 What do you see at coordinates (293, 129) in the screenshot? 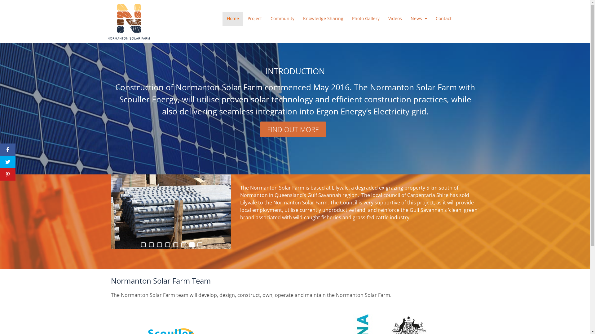
I see `'FIND OUT MORE'` at bounding box center [293, 129].